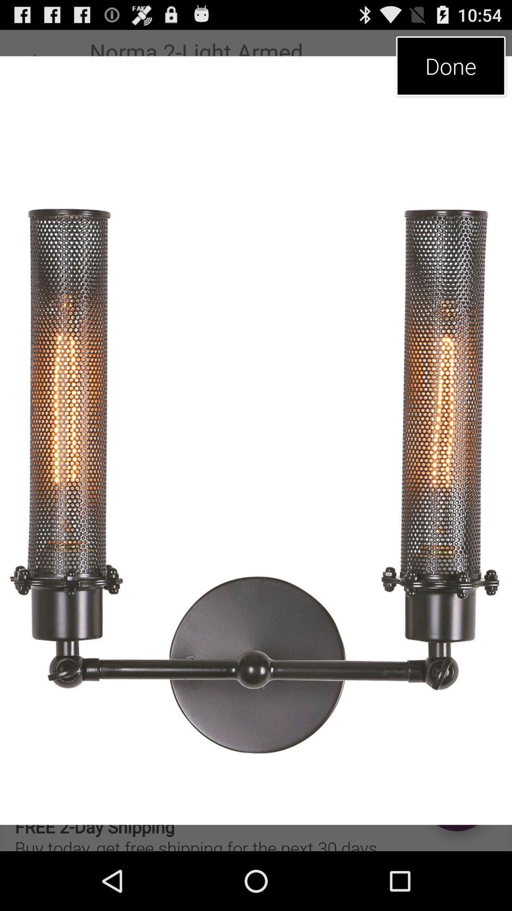 This screenshot has width=512, height=911. I want to click on done, so click(450, 65).